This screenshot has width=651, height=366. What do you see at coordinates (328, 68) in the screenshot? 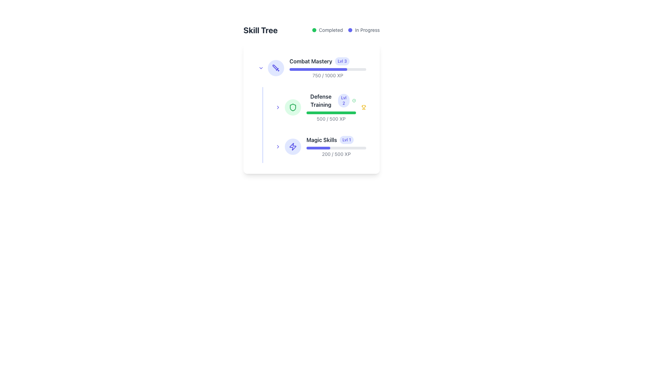
I see `the 'Combat Mastery' Progress Bar with Labels, which displays 'Lvl 3' and the corresponding experience progress, located in the first section of the skill list` at bounding box center [328, 68].